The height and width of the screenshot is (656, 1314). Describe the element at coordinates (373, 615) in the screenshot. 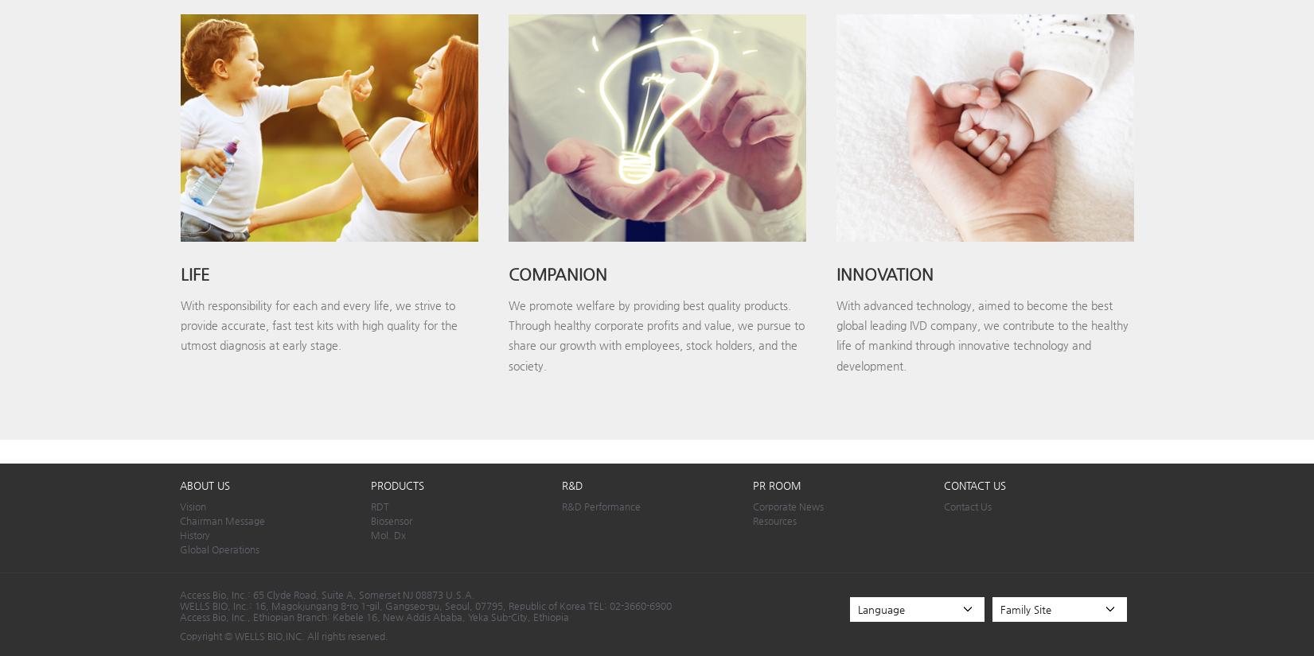

I see `'Access Bio, Inc., Ethiopian Branch: Kebele 16, New Addis Ababa, Yeka Sub-City, Ethiopia'` at that location.